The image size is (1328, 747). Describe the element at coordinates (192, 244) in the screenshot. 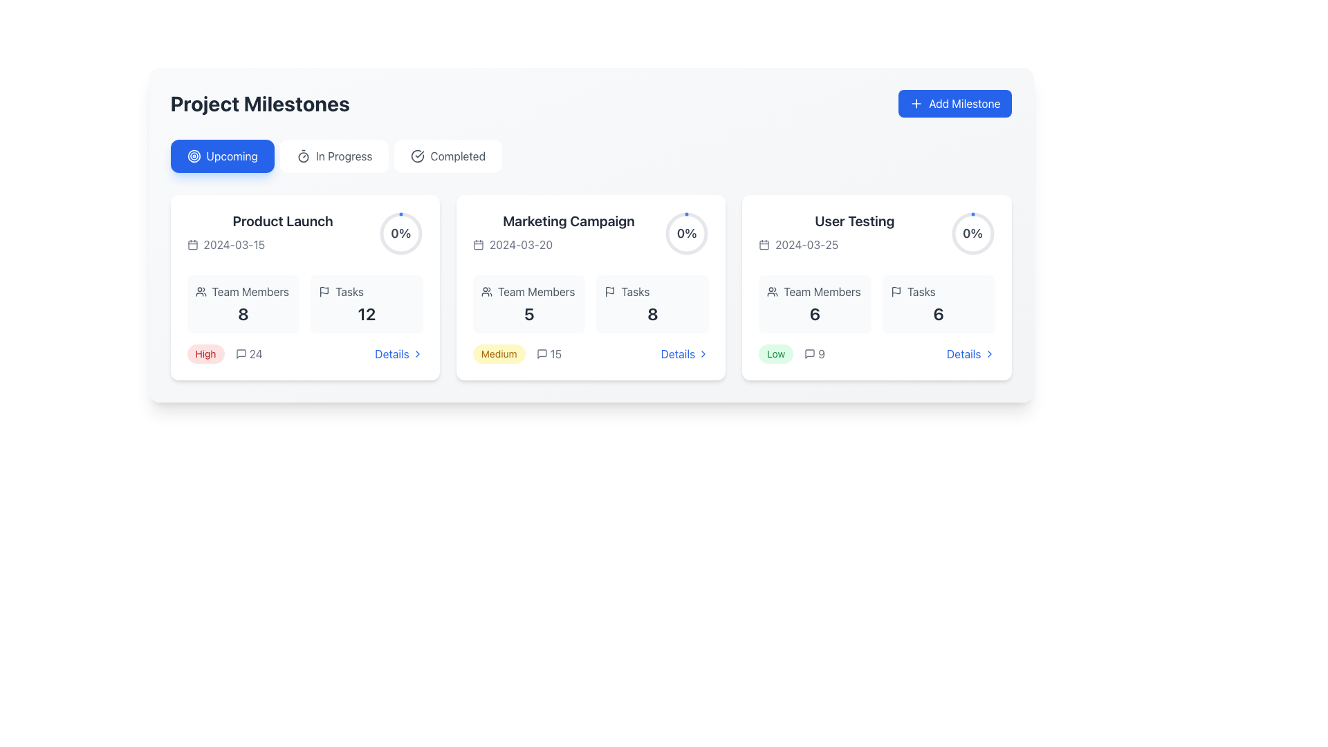

I see `the calendar icon located to the left of the date text '2024-03-15' in the 'Product Launch' section of the 'Project Milestones' interface` at that location.